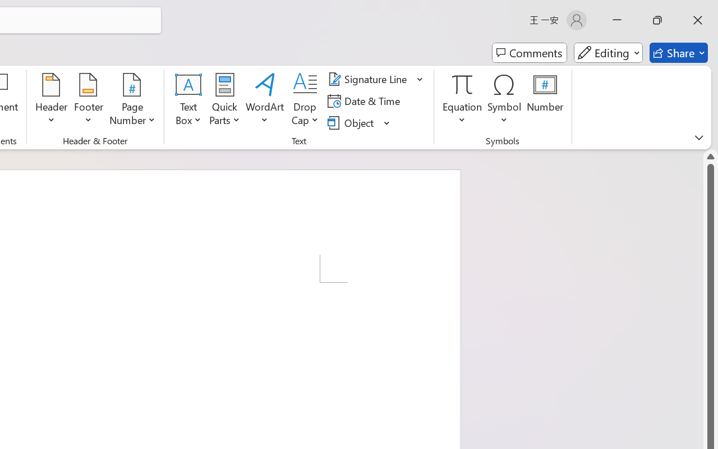 The width and height of the screenshot is (718, 449). I want to click on 'Equation', so click(462, 84).